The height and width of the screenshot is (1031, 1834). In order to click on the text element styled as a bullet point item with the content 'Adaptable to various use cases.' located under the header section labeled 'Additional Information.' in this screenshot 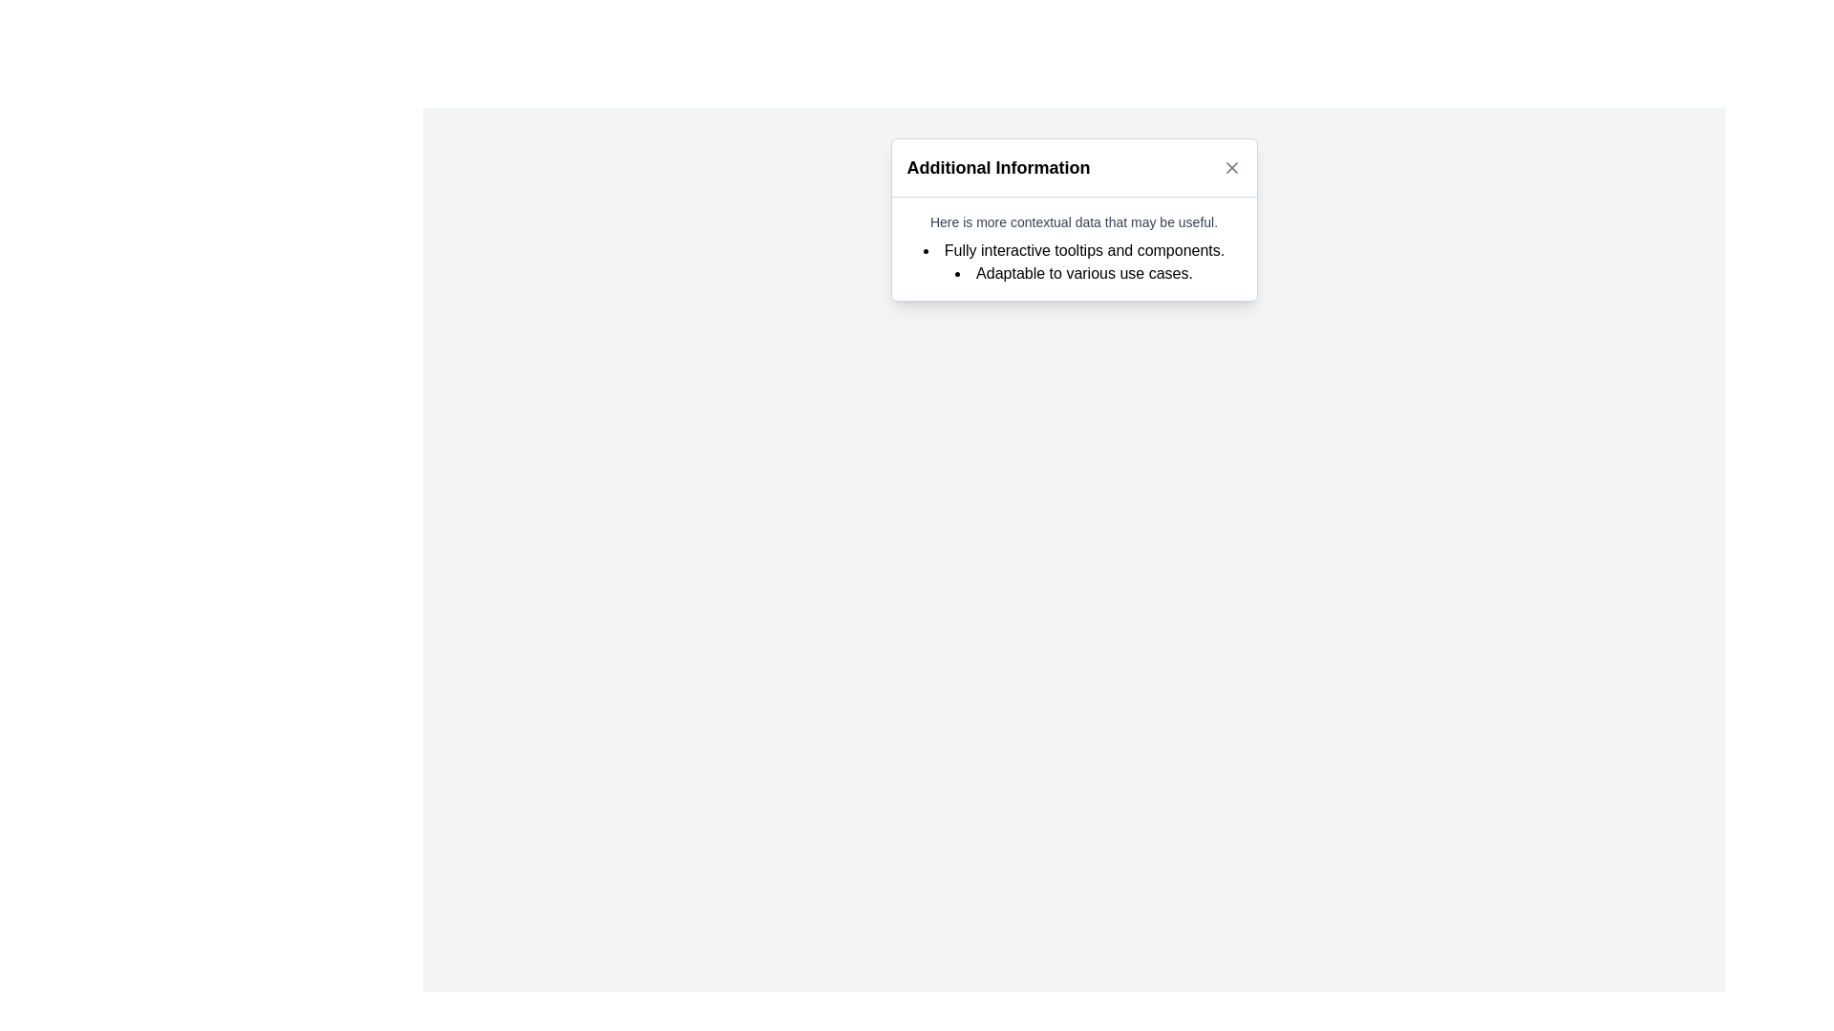, I will do `click(1074, 273)`.